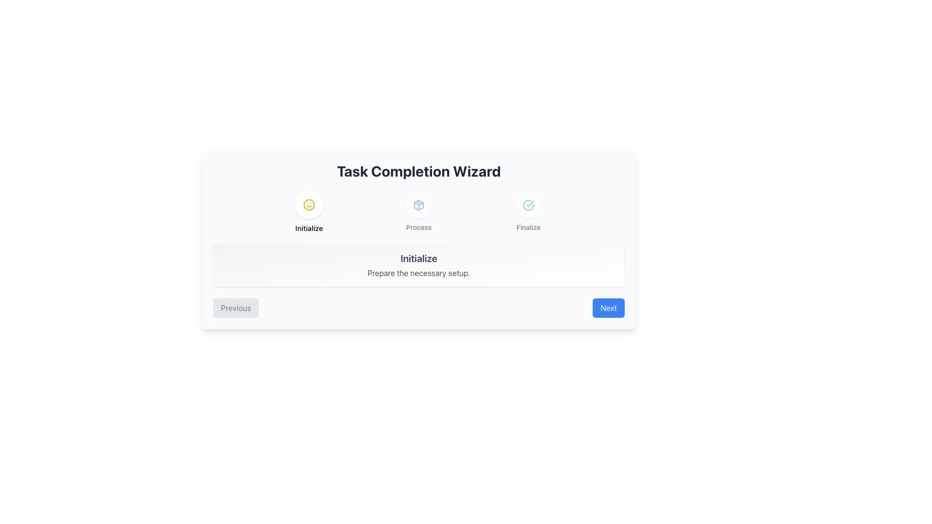 Image resolution: width=932 pixels, height=524 pixels. Describe the element at coordinates (419, 205) in the screenshot. I see `the active 'Process' step icon in the task completion wizard` at that location.